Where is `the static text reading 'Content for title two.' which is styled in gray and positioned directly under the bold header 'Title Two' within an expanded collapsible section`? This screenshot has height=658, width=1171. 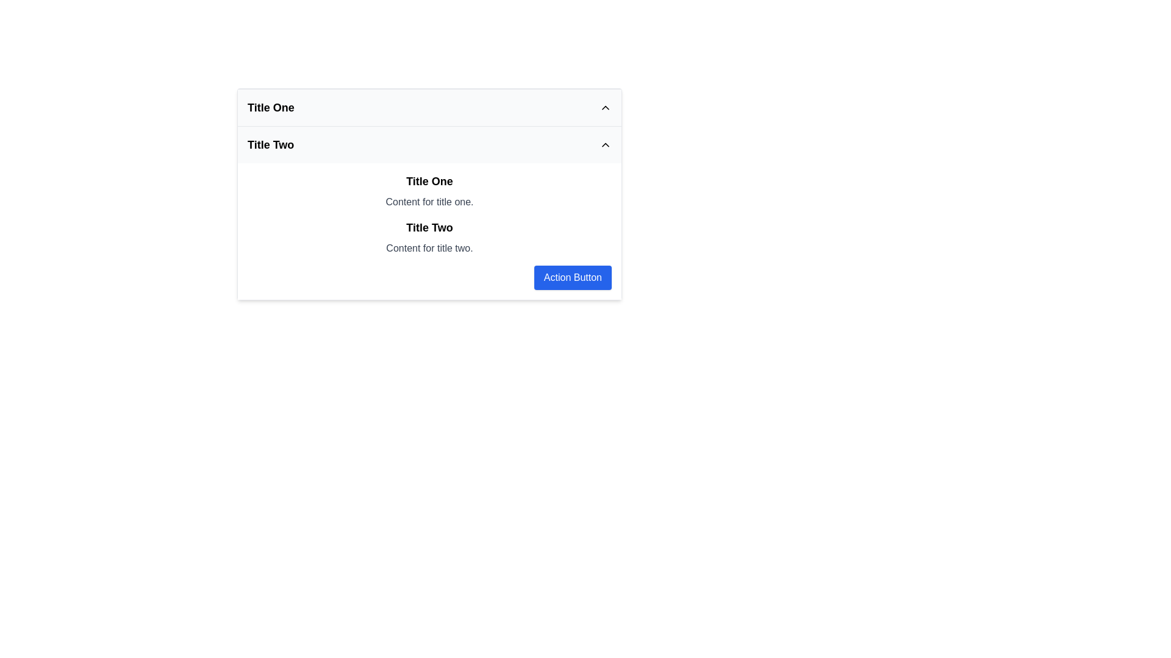 the static text reading 'Content for title two.' which is styled in gray and positioned directly under the bold header 'Title Two' within an expanded collapsible section is located at coordinates (429, 248).